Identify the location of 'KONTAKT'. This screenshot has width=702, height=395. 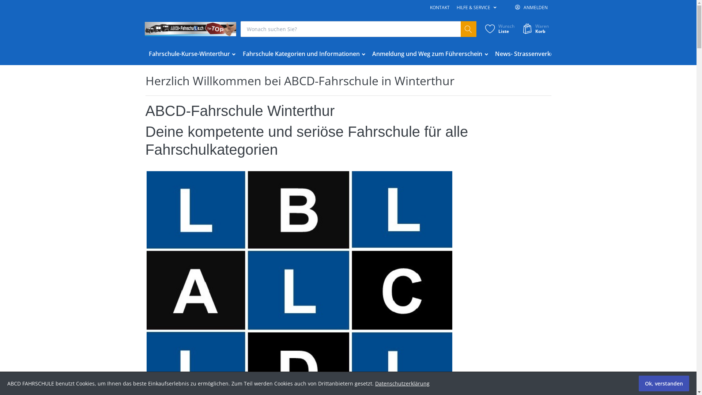
(439, 7).